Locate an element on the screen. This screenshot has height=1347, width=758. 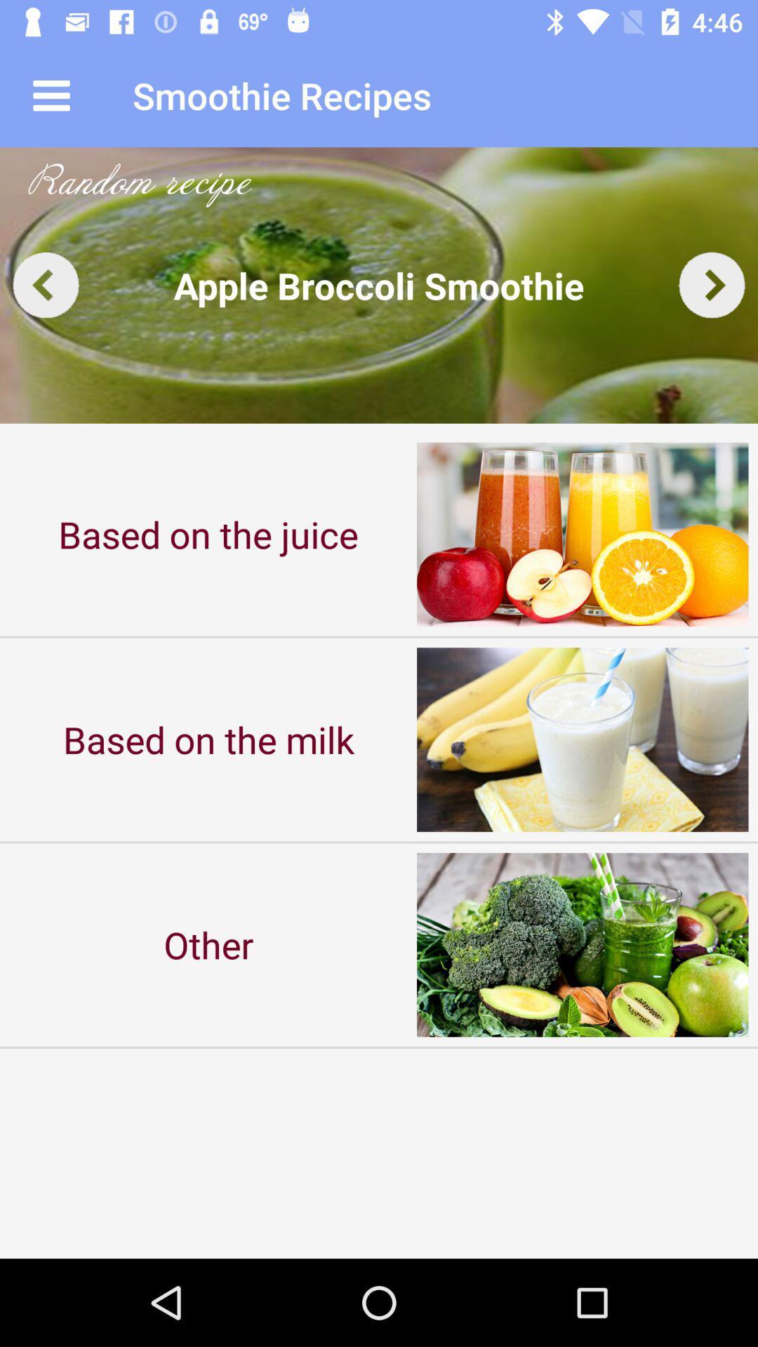
this button takes me to another recipe image is located at coordinates (45, 284).